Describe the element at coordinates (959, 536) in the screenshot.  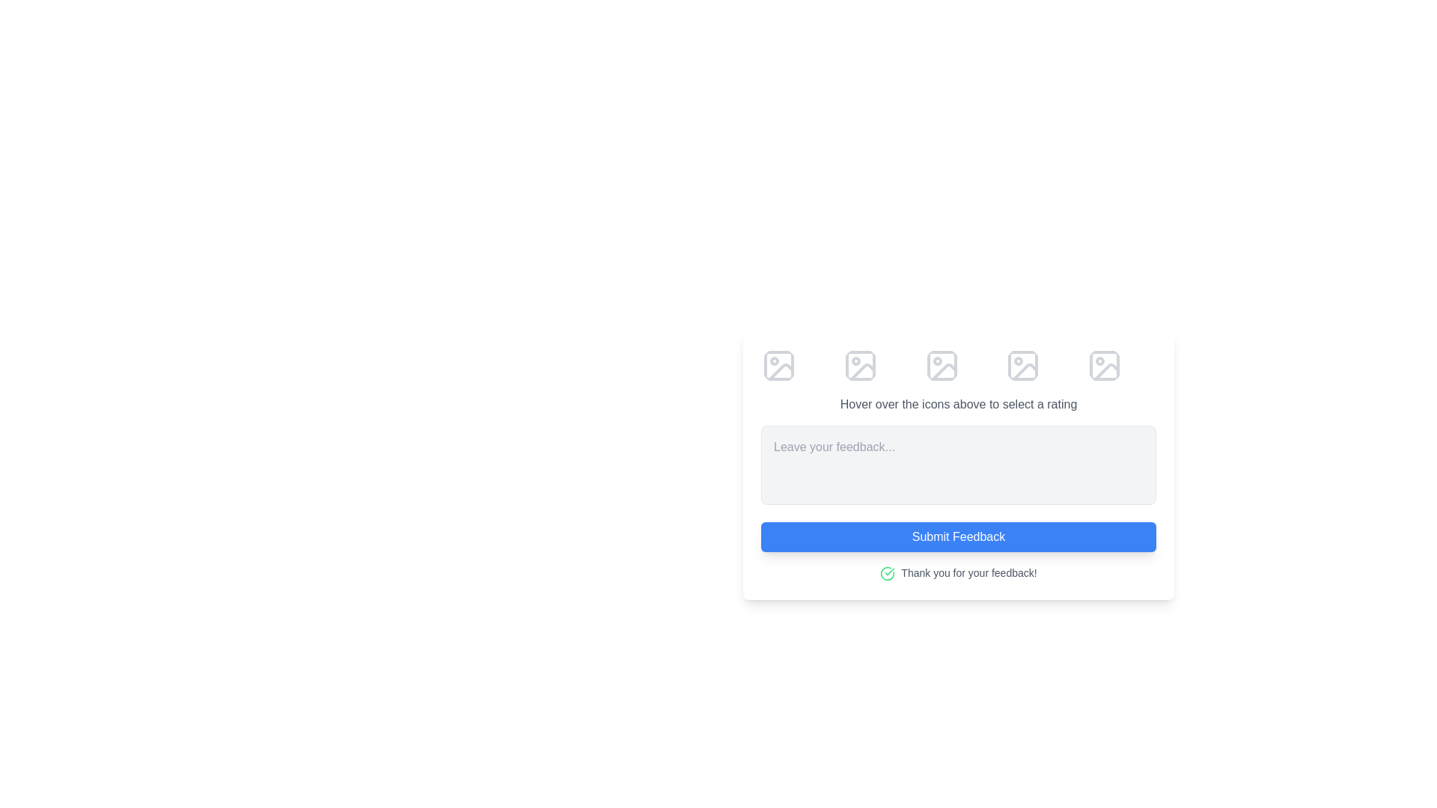
I see `the 'Submit Feedback' button for keyboard navigation` at that location.